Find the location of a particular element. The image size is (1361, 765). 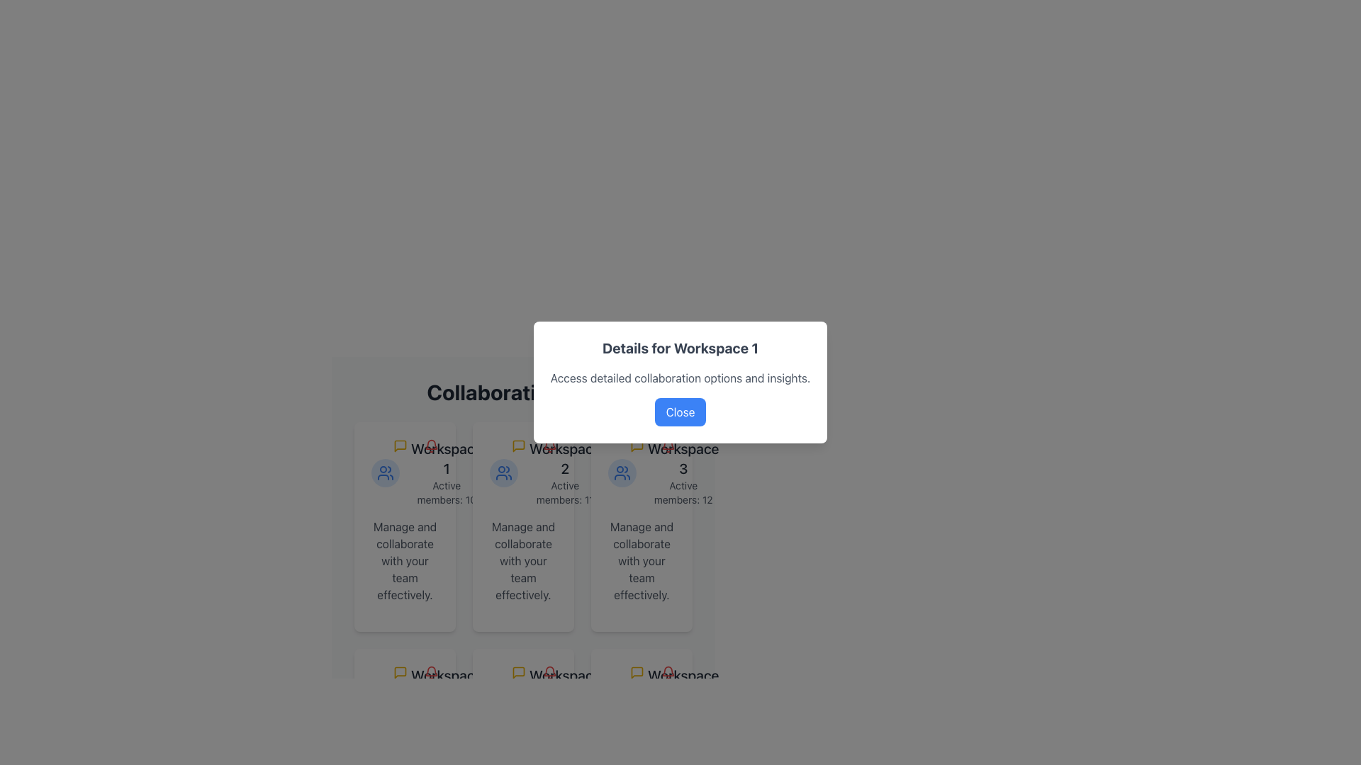

the 'Workspace 2' overview card, which is the second card in the grid layout, providing details and access to functionalities for managing and collaborating within that workspace is located at coordinates (522, 527).